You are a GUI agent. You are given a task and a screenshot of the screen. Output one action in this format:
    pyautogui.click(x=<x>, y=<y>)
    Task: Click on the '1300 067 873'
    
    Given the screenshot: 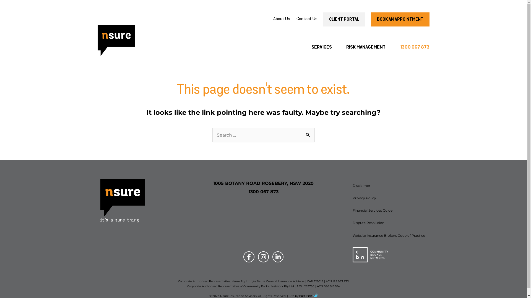 What is the action you would take?
    pyautogui.click(x=411, y=47)
    